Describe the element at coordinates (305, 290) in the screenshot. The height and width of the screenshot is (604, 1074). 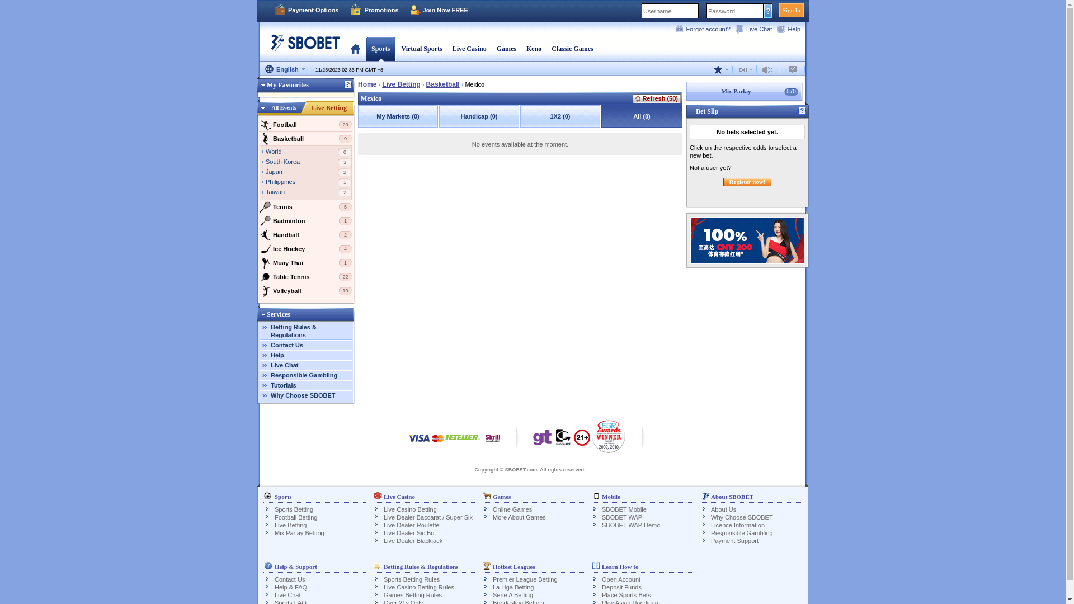
I see `'Volleyball` at that location.